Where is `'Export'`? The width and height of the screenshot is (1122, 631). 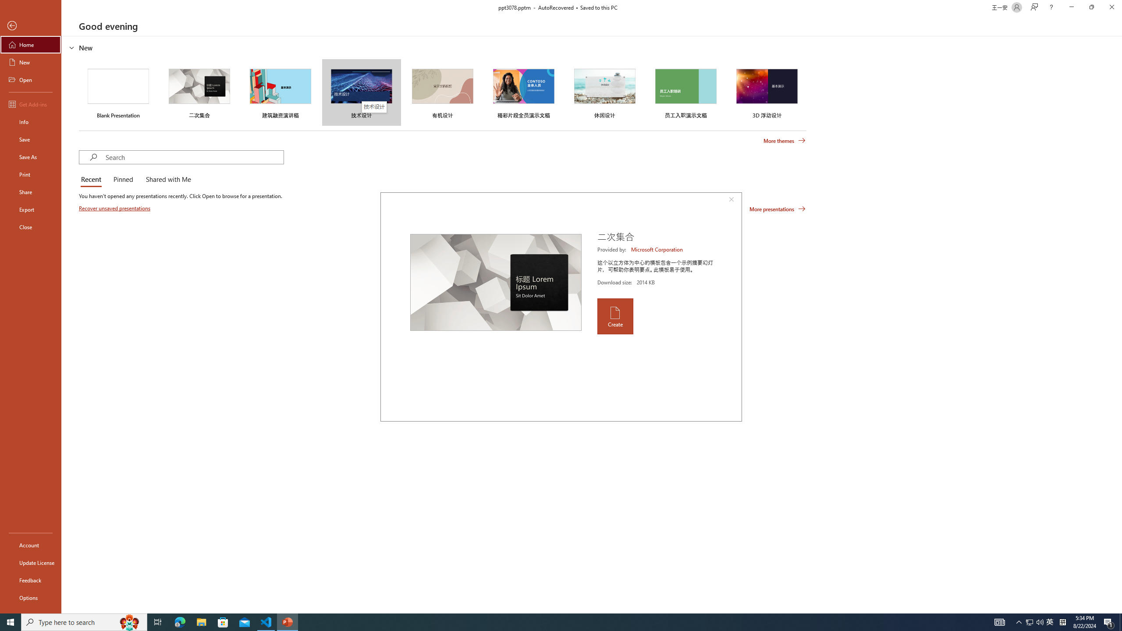 'Export' is located at coordinates (30, 209).